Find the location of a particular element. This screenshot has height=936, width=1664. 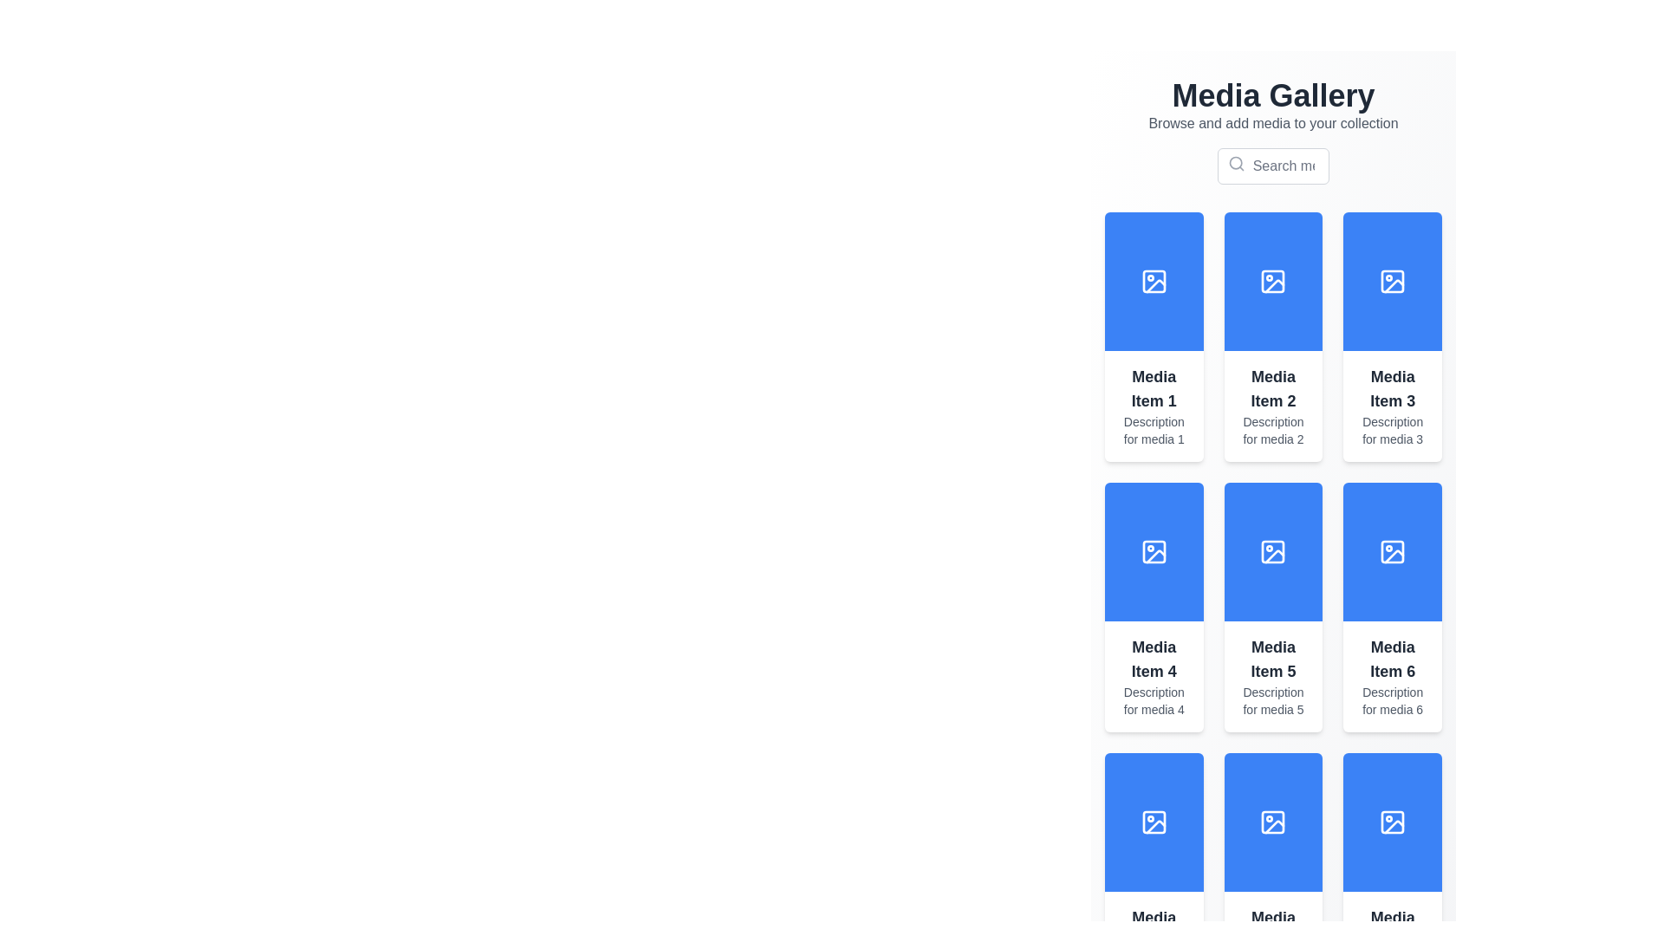

the media description card located in the second column of the first row, positioned between 'Media Item 1' and 'Media Item 3', to interact with it is located at coordinates (1272, 406).